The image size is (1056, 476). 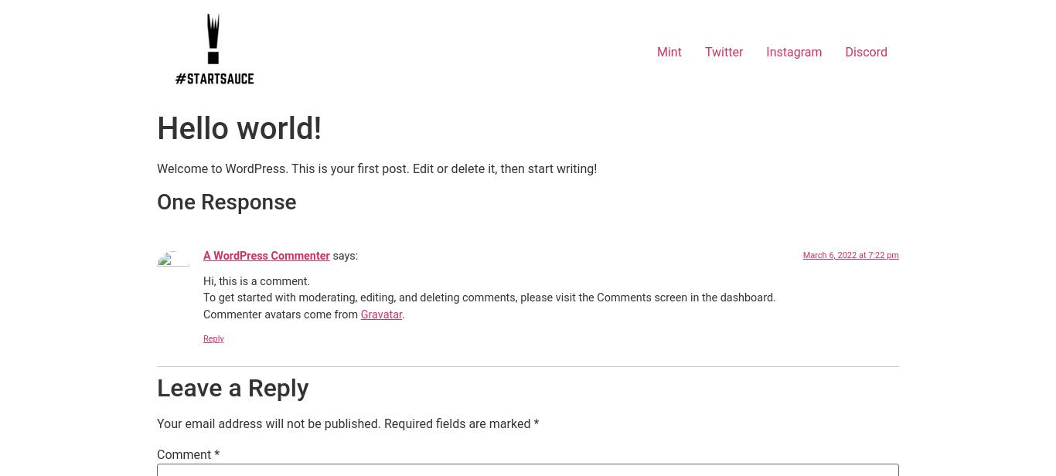 What do you see at coordinates (668, 51) in the screenshot?
I see `'Mint'` at bounding box center [668, 51].